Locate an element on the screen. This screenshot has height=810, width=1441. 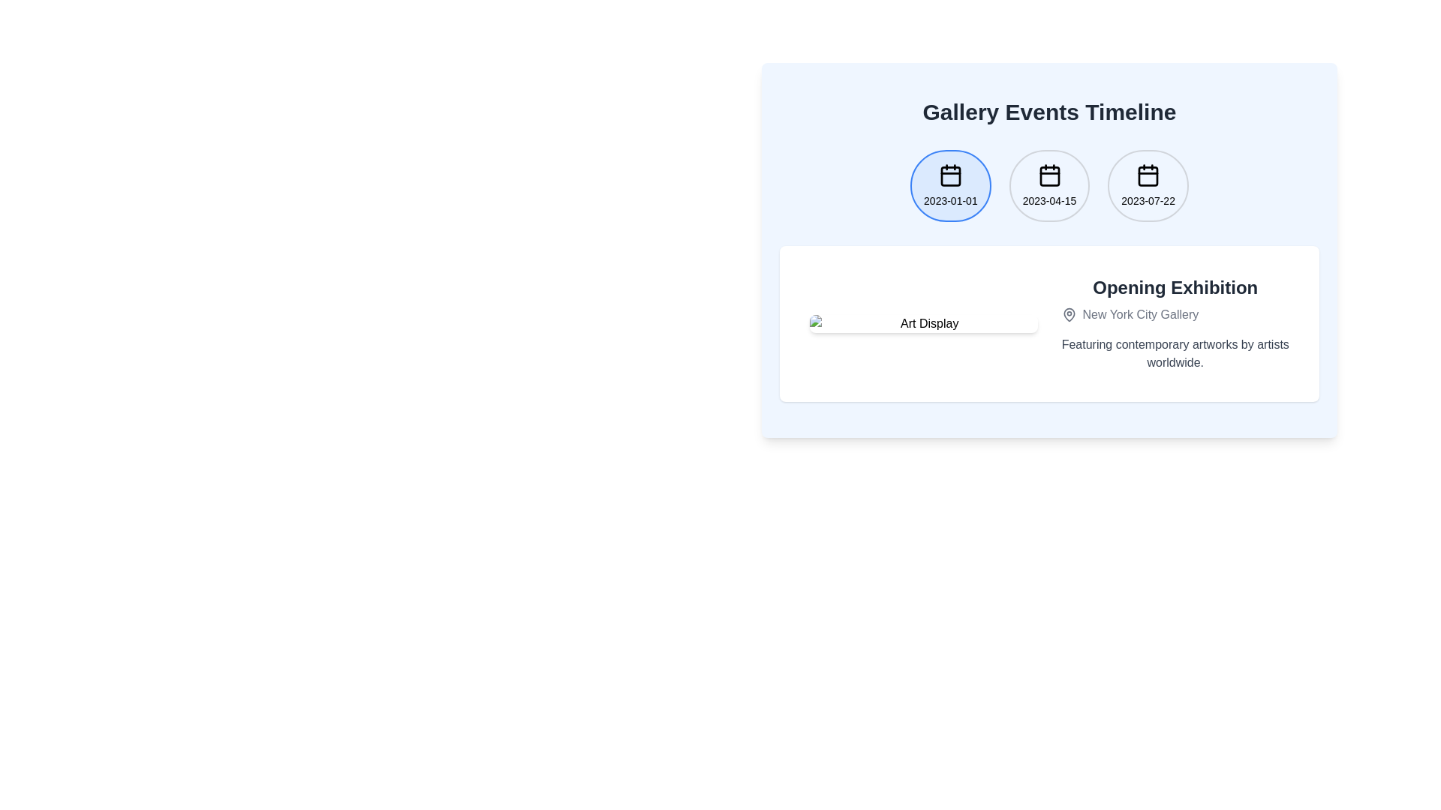
text label displaying a specific date, which is located below a calendar icon within the leftmost rounded card of a timeline interface is located at coordinates (949, 199).